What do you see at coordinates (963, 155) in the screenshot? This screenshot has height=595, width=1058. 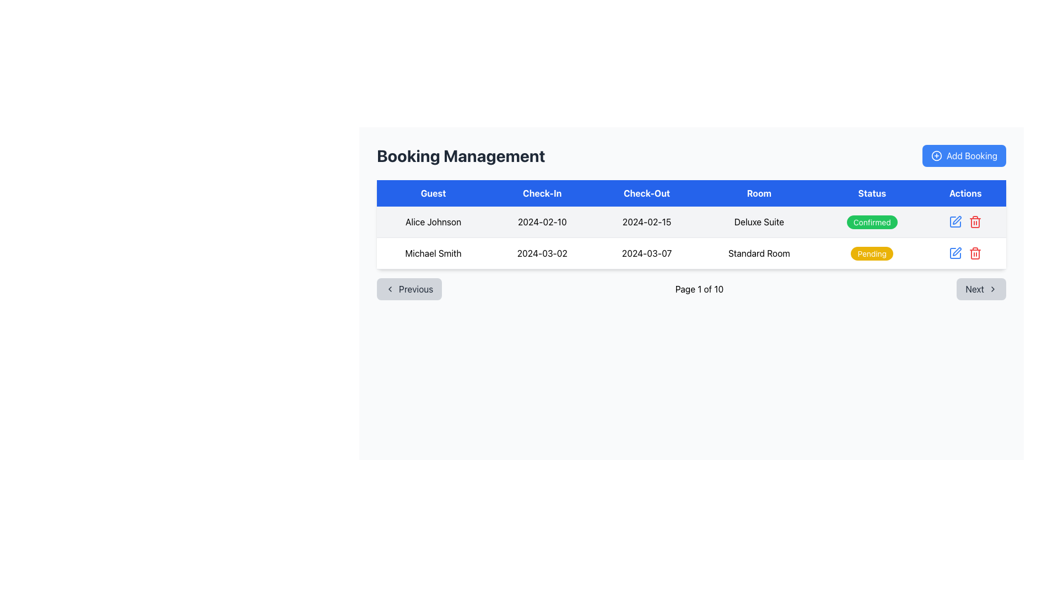 I see `the 'Add Booking' button, which has a vivid blue background and a white text label, to initiate the add booking action` at bounding box center [963, 155].